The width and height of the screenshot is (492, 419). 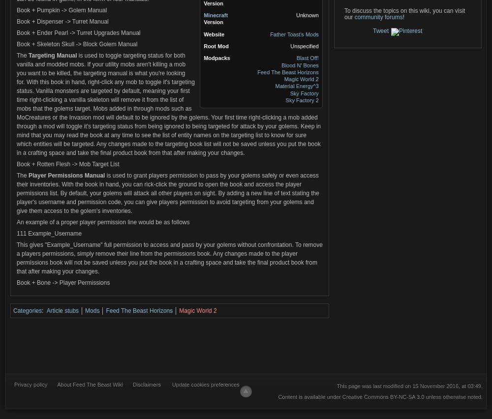 What do you see at coordinates (294, 34) in the screenshot?
I see `'Father Toast's Mods'` at bounding box center [294, 34].